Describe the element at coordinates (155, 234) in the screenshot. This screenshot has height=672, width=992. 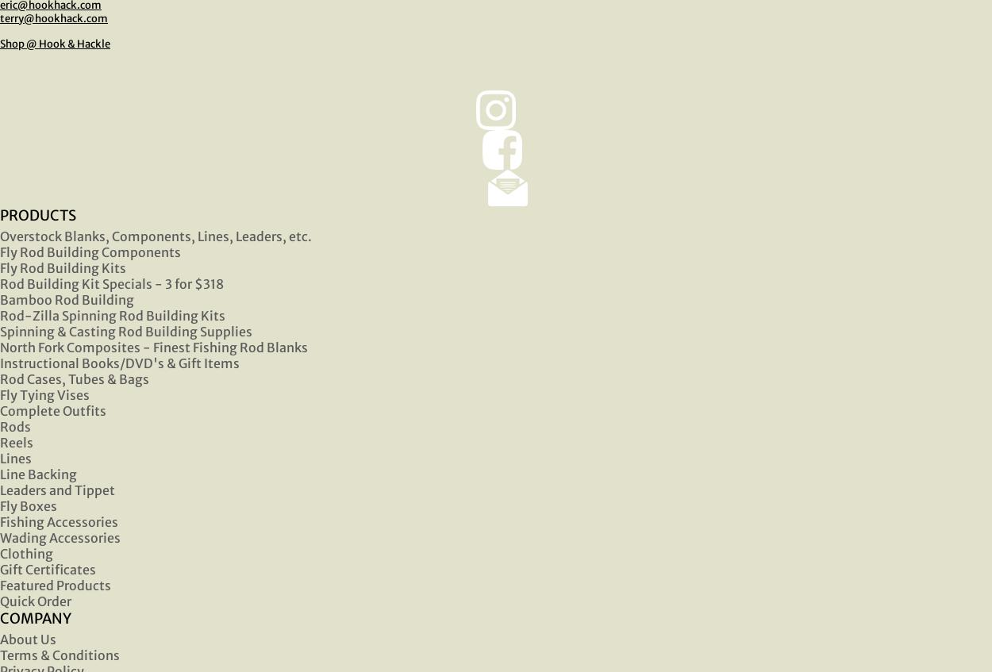
I see `'Overstock Blanks, Components, Lines, Leaders, etc.'` at that location.